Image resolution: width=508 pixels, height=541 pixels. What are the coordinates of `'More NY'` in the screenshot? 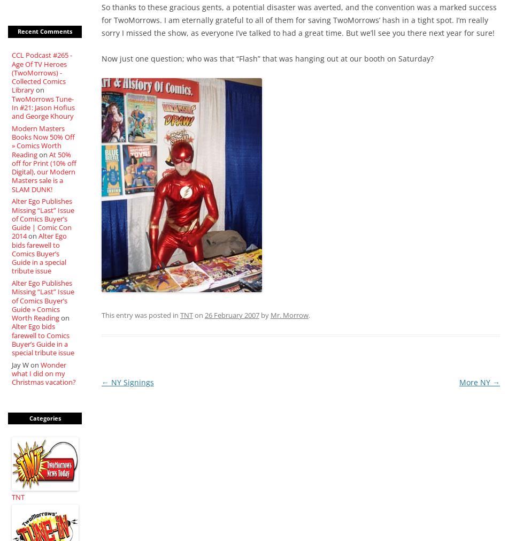 It's located at (475, 382).